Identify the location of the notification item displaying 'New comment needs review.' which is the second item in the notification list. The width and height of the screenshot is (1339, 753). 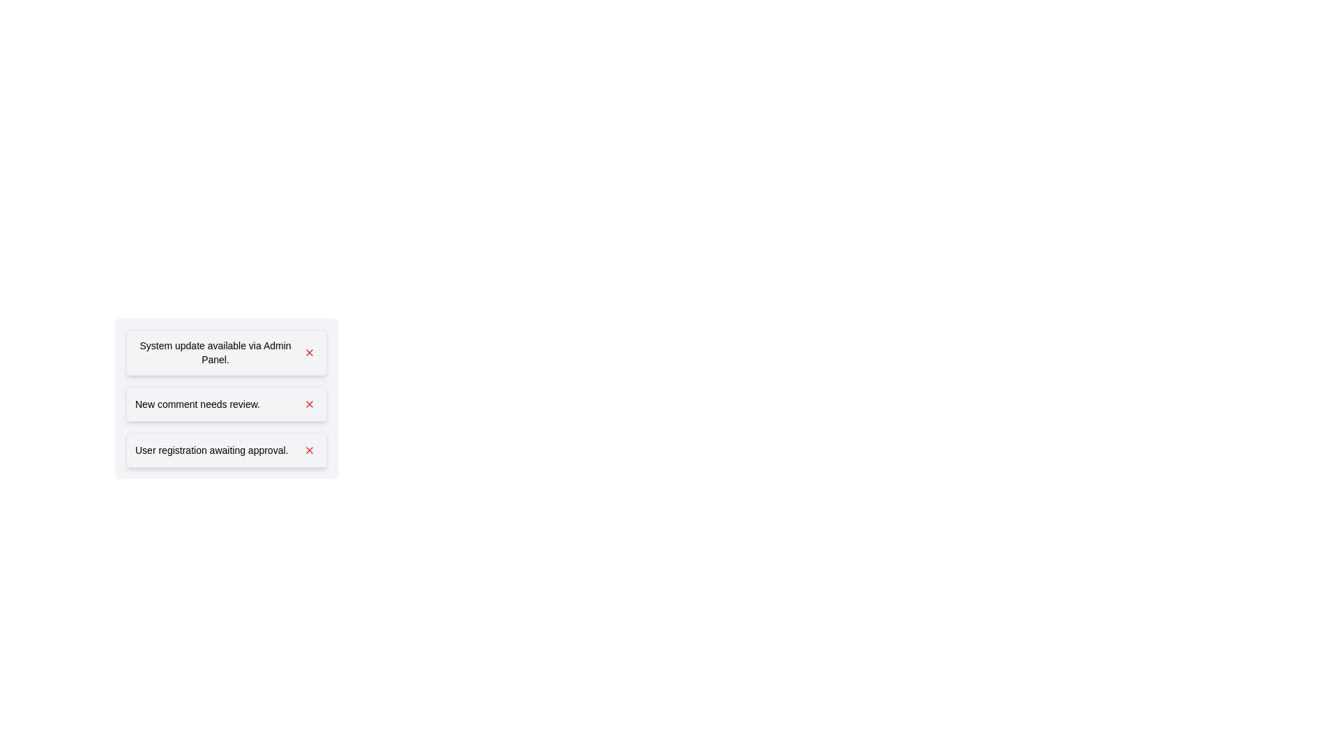
(227, 398).